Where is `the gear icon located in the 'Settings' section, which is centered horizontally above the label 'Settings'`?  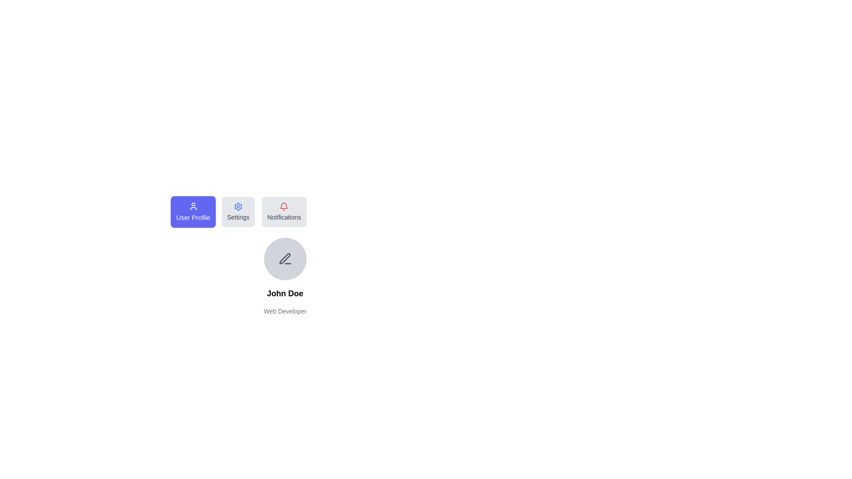
the gear icon located in the 'Settings' section, which is centered horizontally above the label 'Settings' is located at coordinates (238, 207).